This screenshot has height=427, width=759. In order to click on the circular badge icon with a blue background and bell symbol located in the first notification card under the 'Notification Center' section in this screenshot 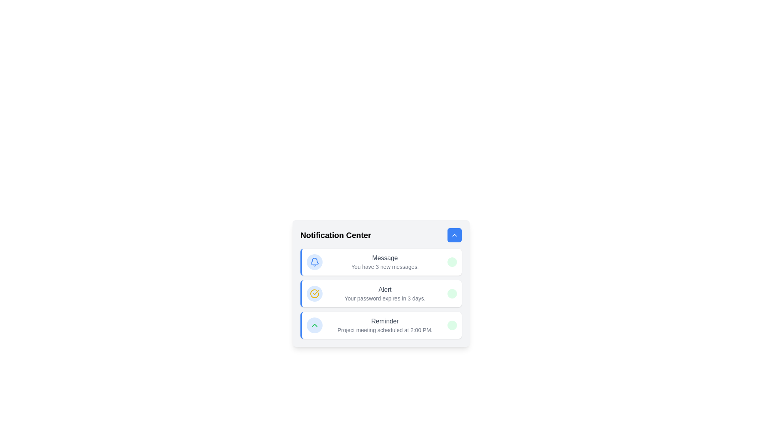, I will do `click(314, 262)`.